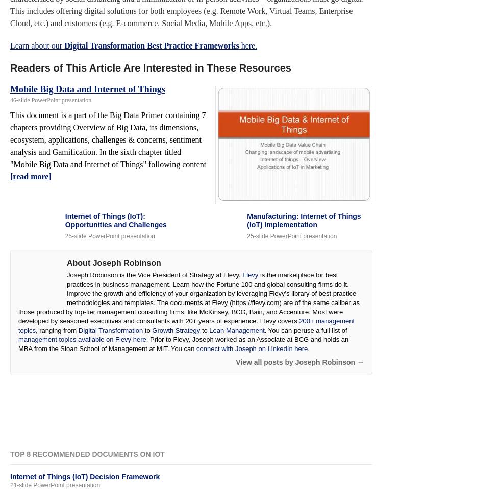  I want to click on 'Lean Management', so click(209, 330).